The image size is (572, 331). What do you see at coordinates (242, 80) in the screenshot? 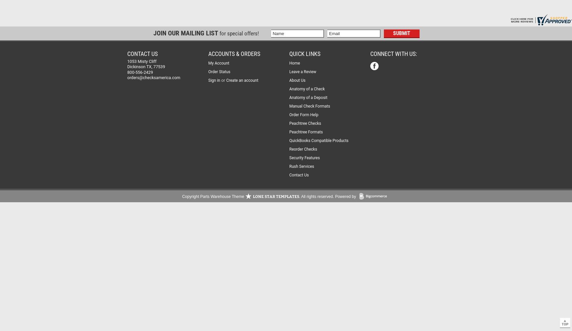
I see `'Create an account'` at bounding box center [242, 80].